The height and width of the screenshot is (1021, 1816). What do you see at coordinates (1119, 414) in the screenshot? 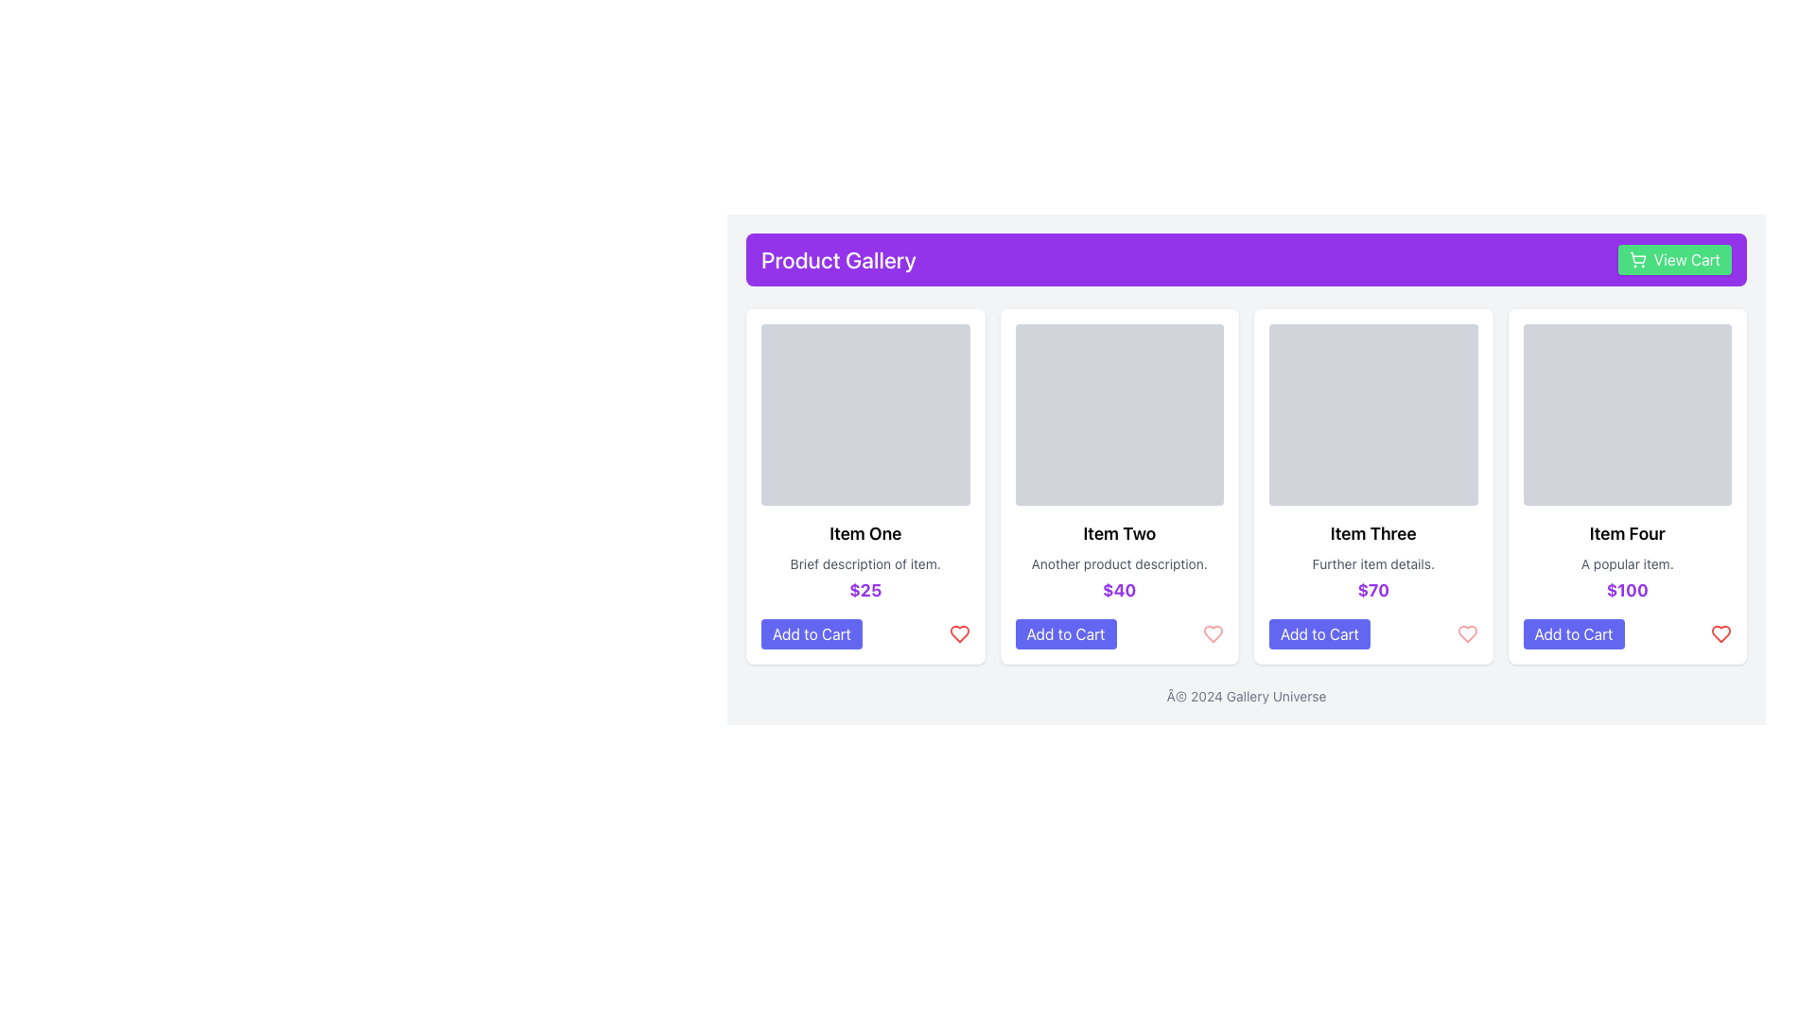
I see `the rectangular placeholder image with rounded corners and a gray background located above the title 'Item Two' in the second column of the product card grid` at bounding box center [1119, 414].